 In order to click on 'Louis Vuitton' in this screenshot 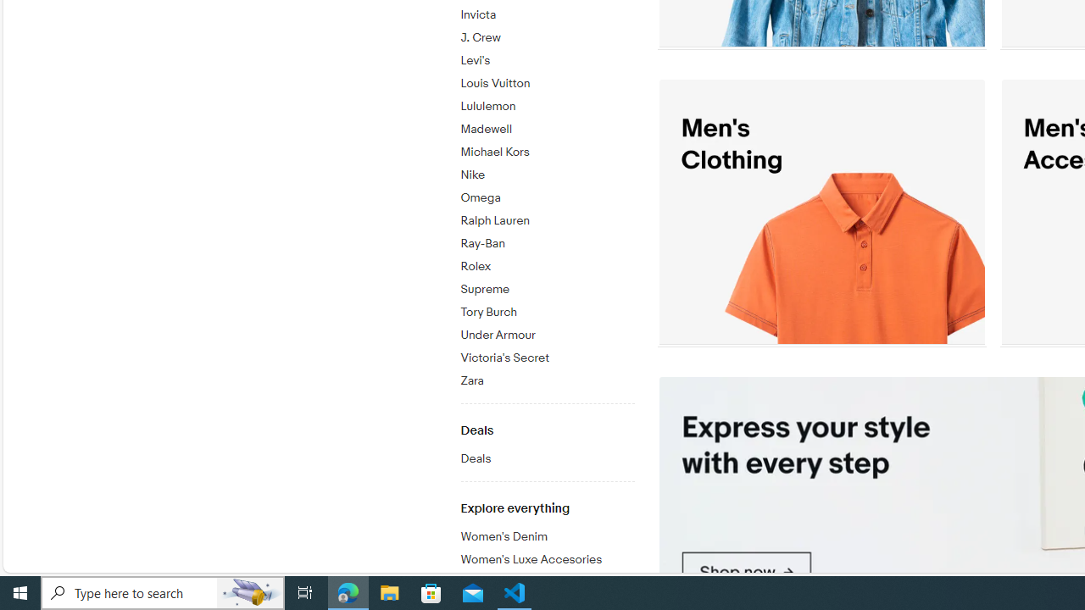, I will do `click(547, 80)`.